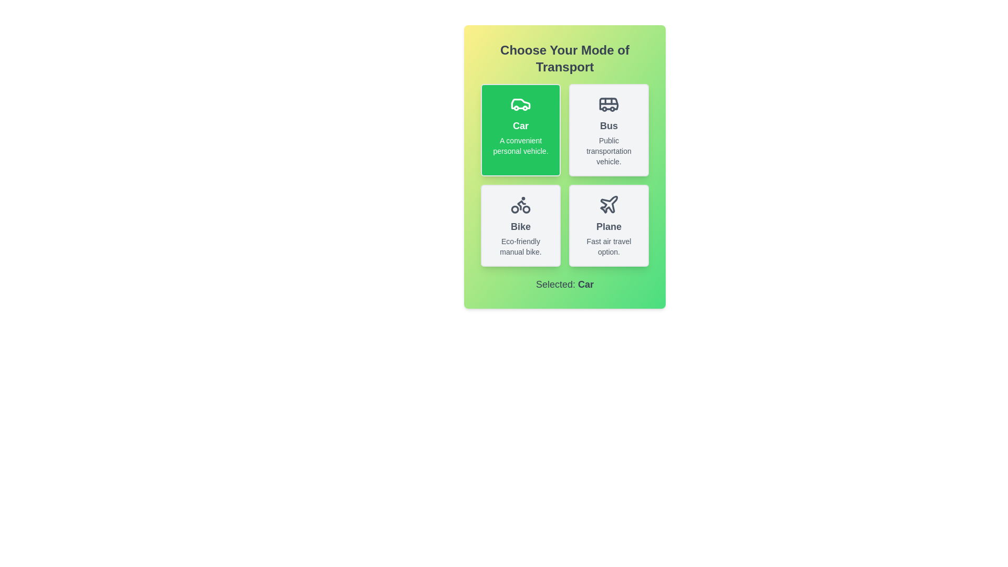 This screenshot has width=1008, height=567. I want to click on the button for Bus to view its hover effect, so click(609, 129).